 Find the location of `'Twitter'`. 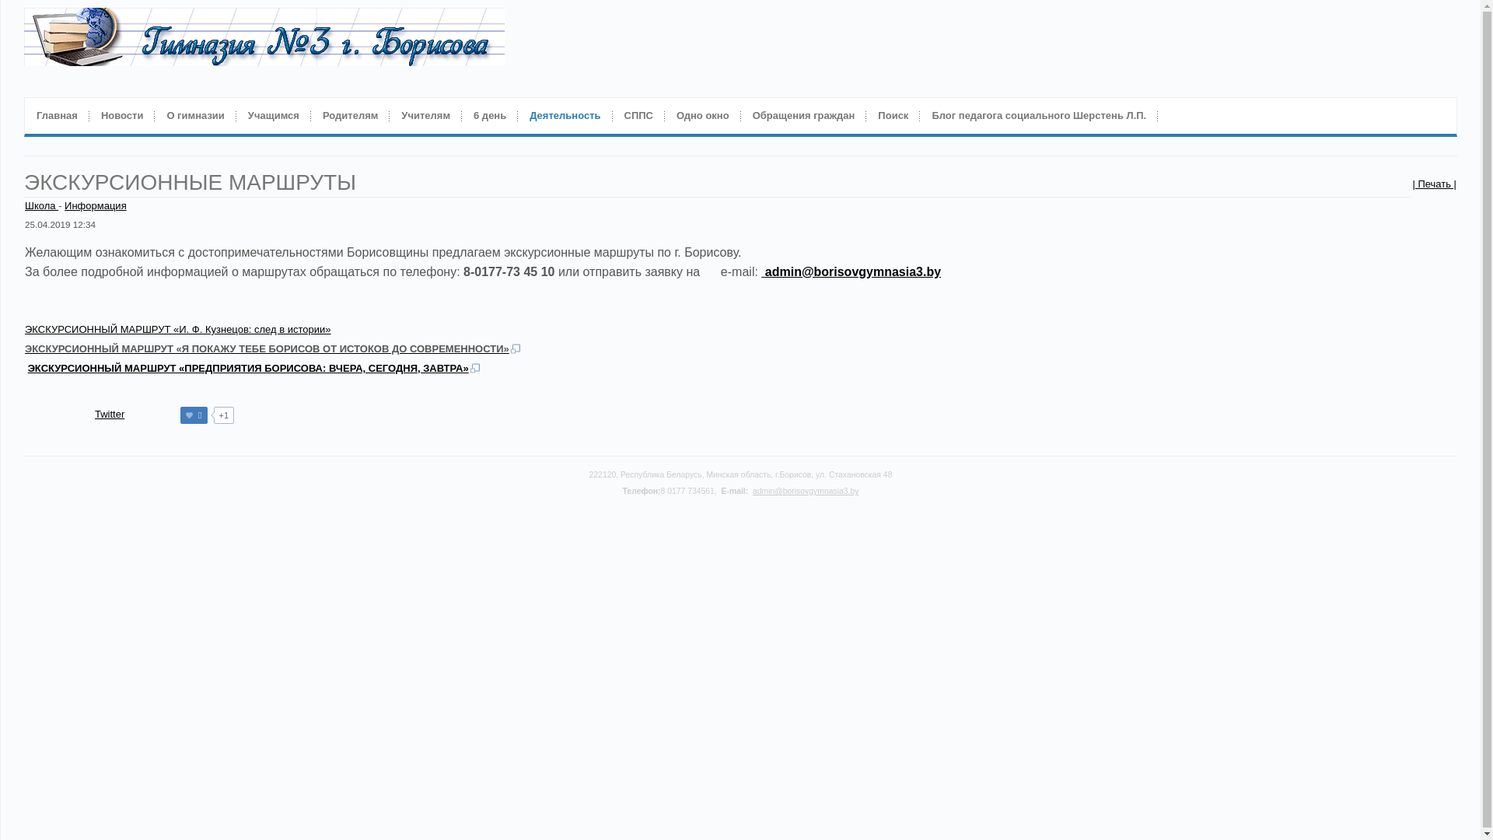

'Twitter' is located at coordinates (108, 413).